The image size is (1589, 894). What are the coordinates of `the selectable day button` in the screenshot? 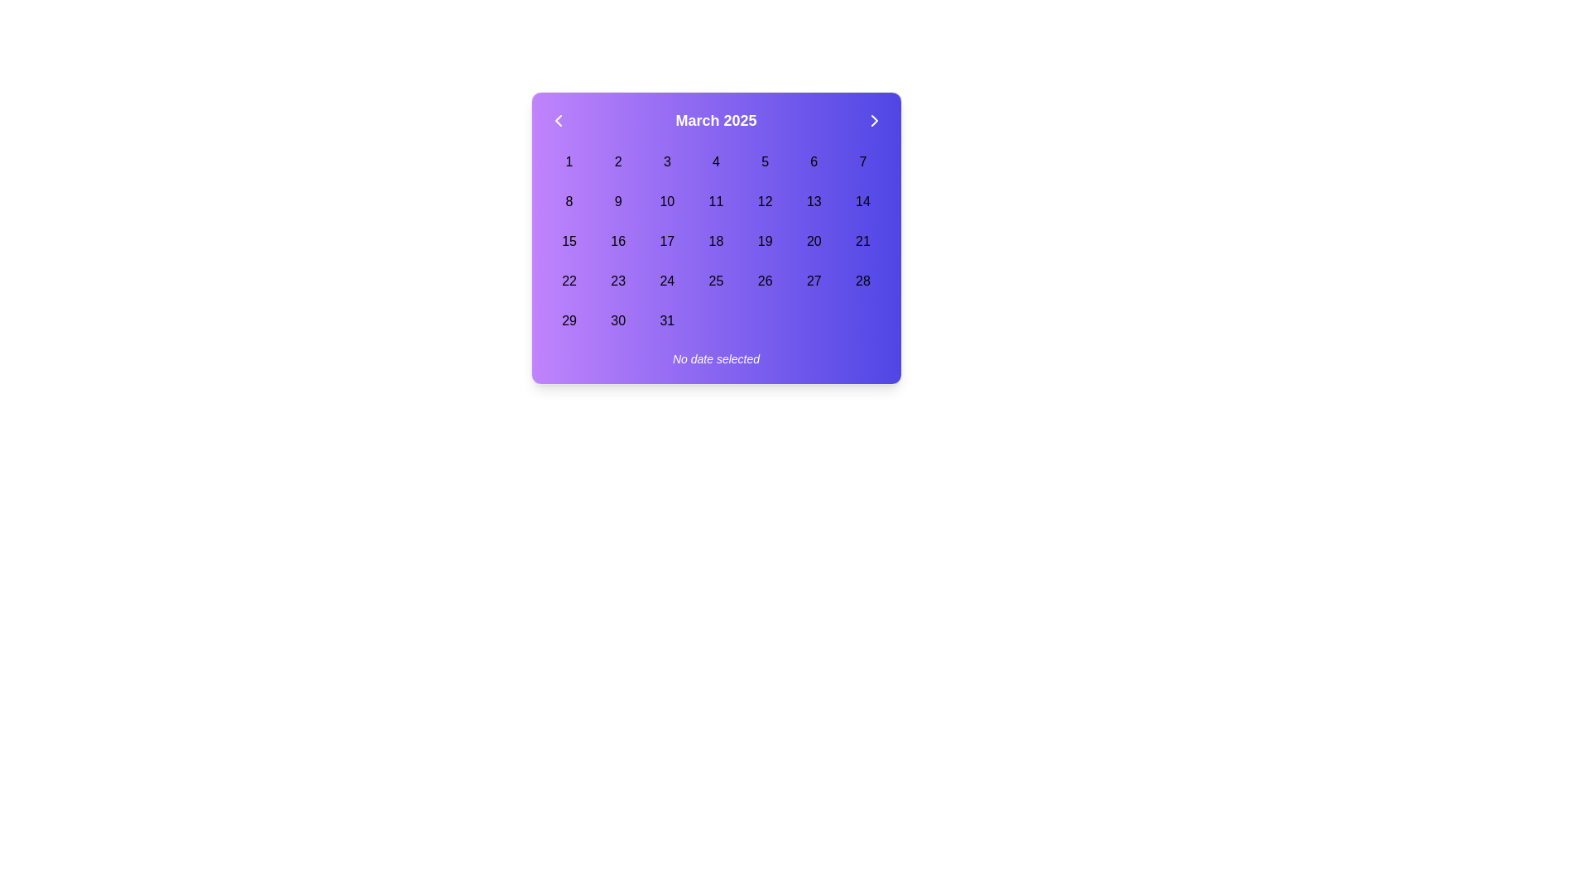 It's located at (569, 242).